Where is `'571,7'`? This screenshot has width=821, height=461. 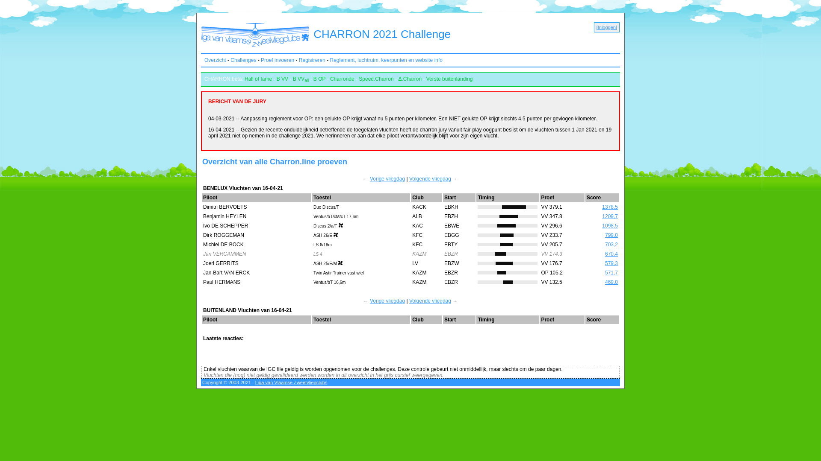
'571,7' is located at coordinates (611, 273).